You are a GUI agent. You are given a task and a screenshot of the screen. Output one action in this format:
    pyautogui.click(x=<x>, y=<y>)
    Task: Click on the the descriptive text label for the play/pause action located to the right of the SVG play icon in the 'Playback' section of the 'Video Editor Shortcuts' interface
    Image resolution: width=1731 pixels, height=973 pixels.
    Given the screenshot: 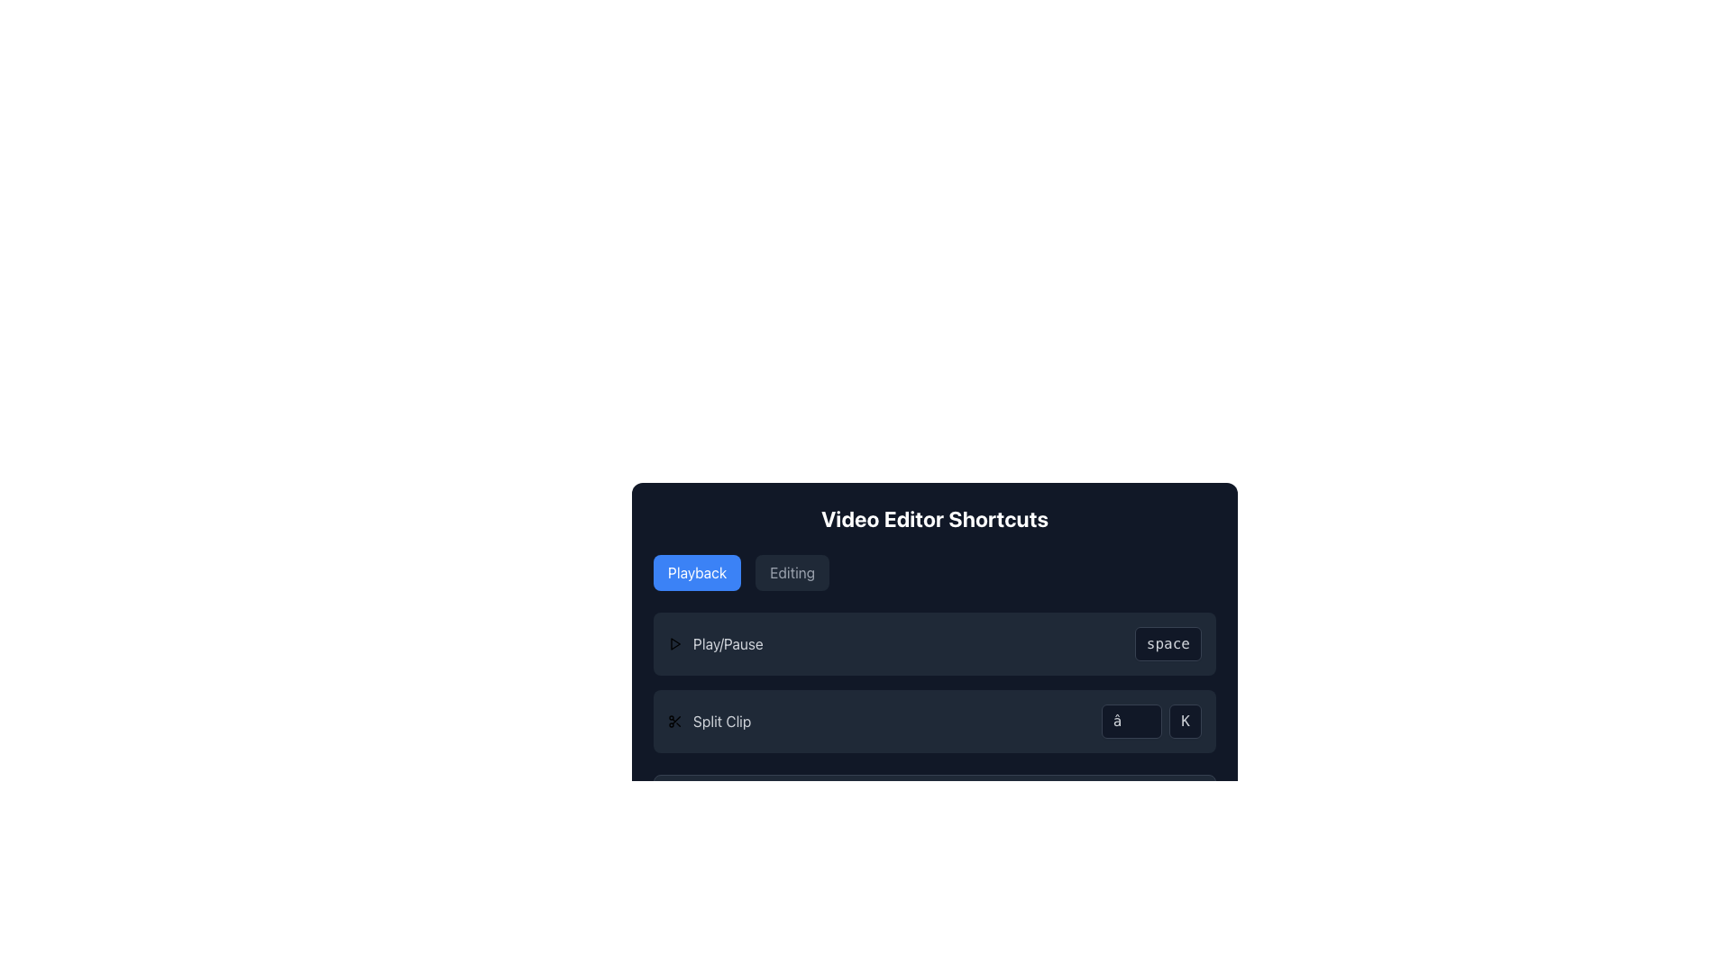 What is the action you would take?
    pyautogui.click(x=728, y=642)
    